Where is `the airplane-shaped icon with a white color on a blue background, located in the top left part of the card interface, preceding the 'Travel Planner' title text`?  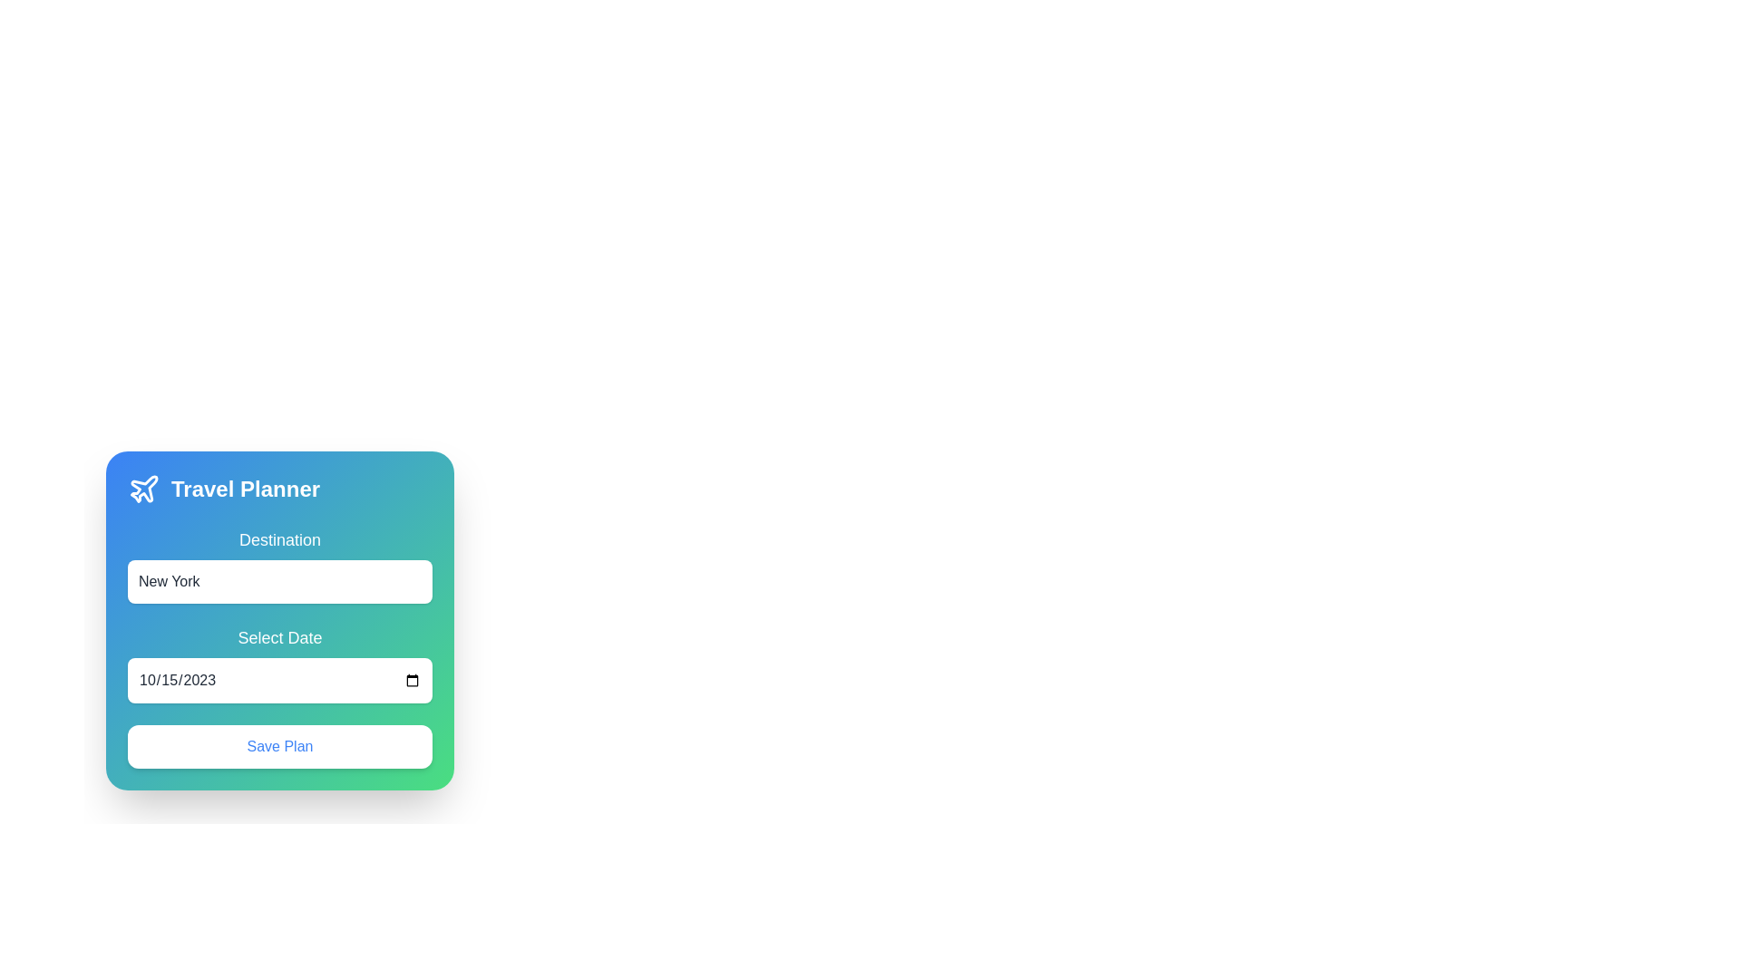
the airplane-shaped icon with a white color on a blue background, located in the top left part of the card interface, preceding the 'Travel Planner' title text is located at coordinates (142, 489).